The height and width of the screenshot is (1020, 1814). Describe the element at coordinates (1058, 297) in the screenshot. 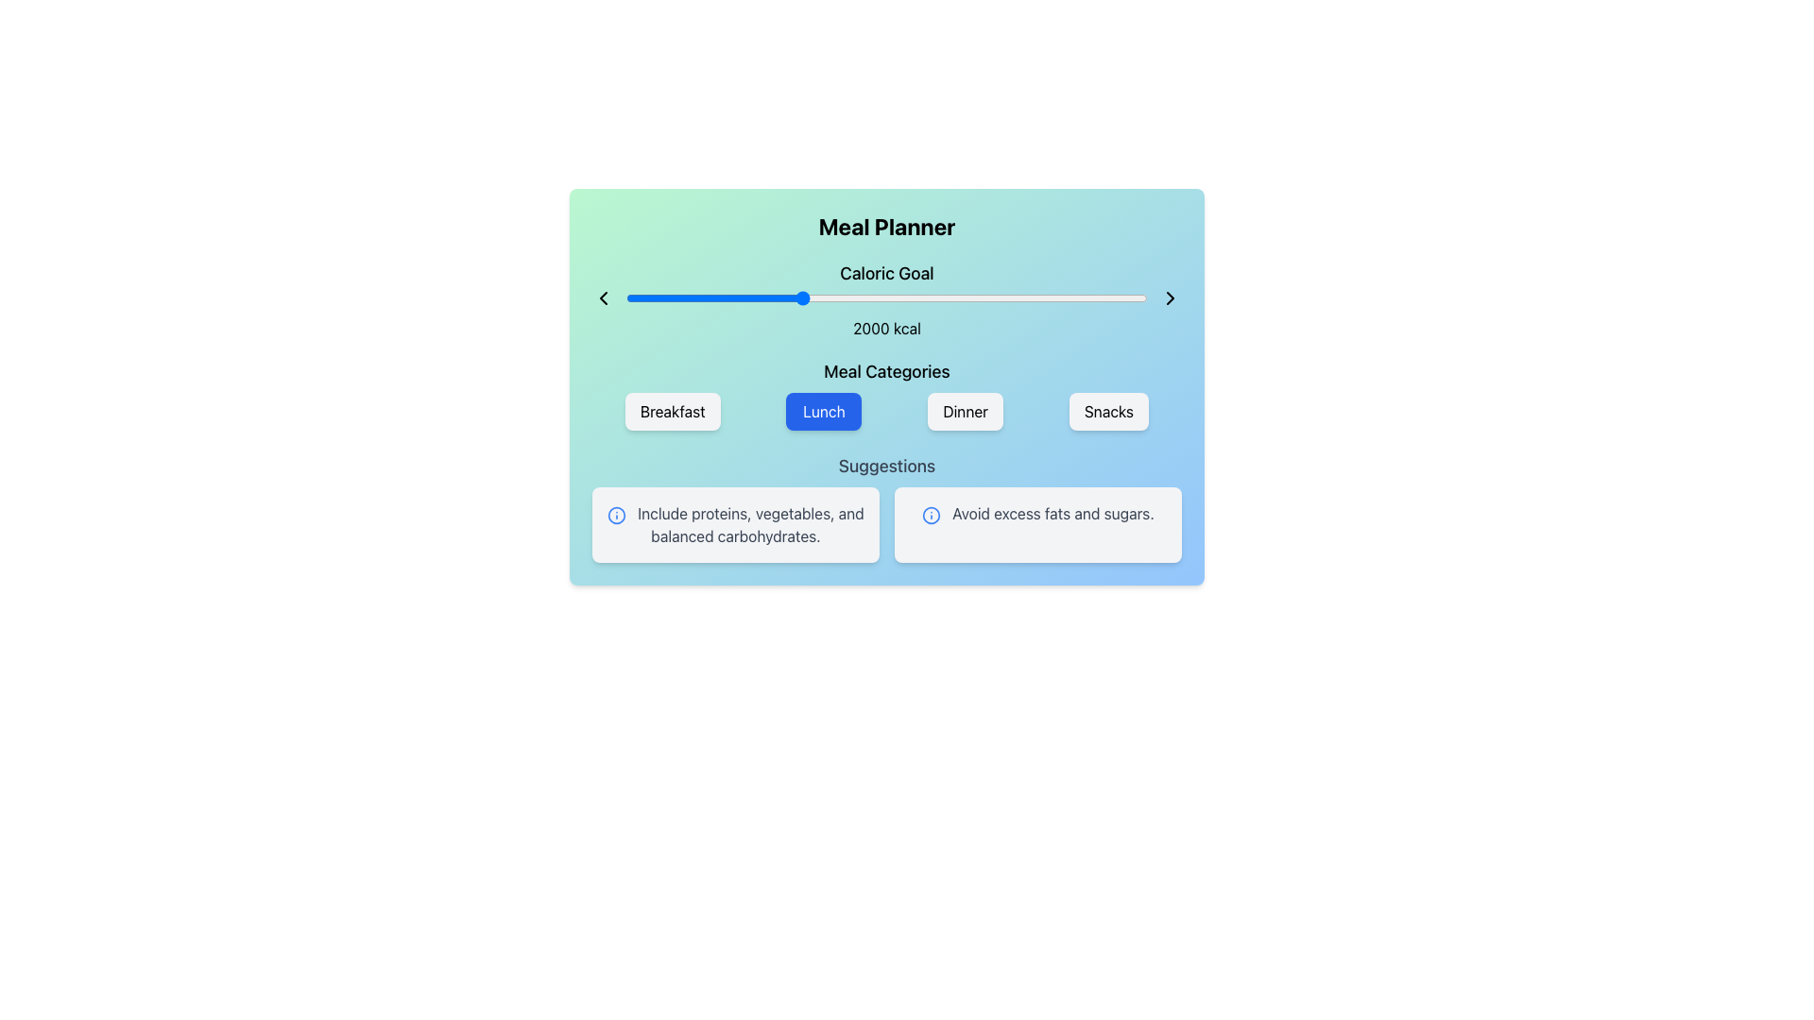

I see `the caloric goal` at that location.